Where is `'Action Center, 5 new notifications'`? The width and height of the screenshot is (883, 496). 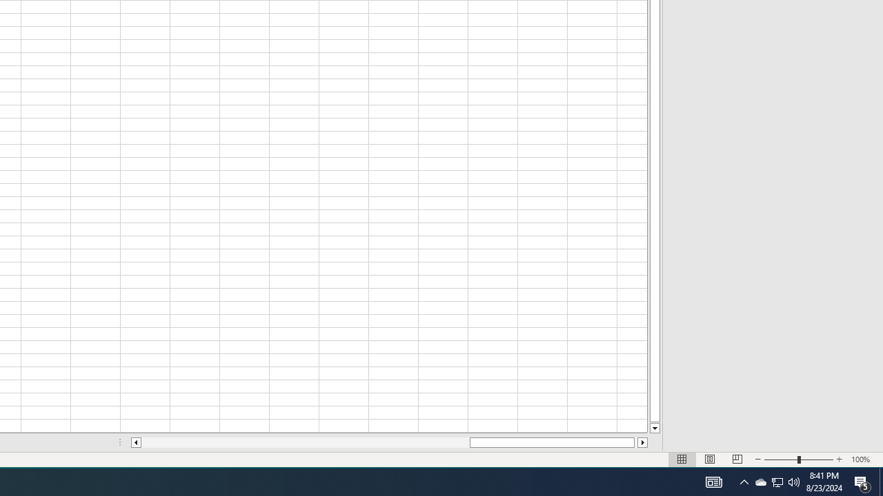 'Action Center, 5 new notifications' is located at coordinates (862, 481).